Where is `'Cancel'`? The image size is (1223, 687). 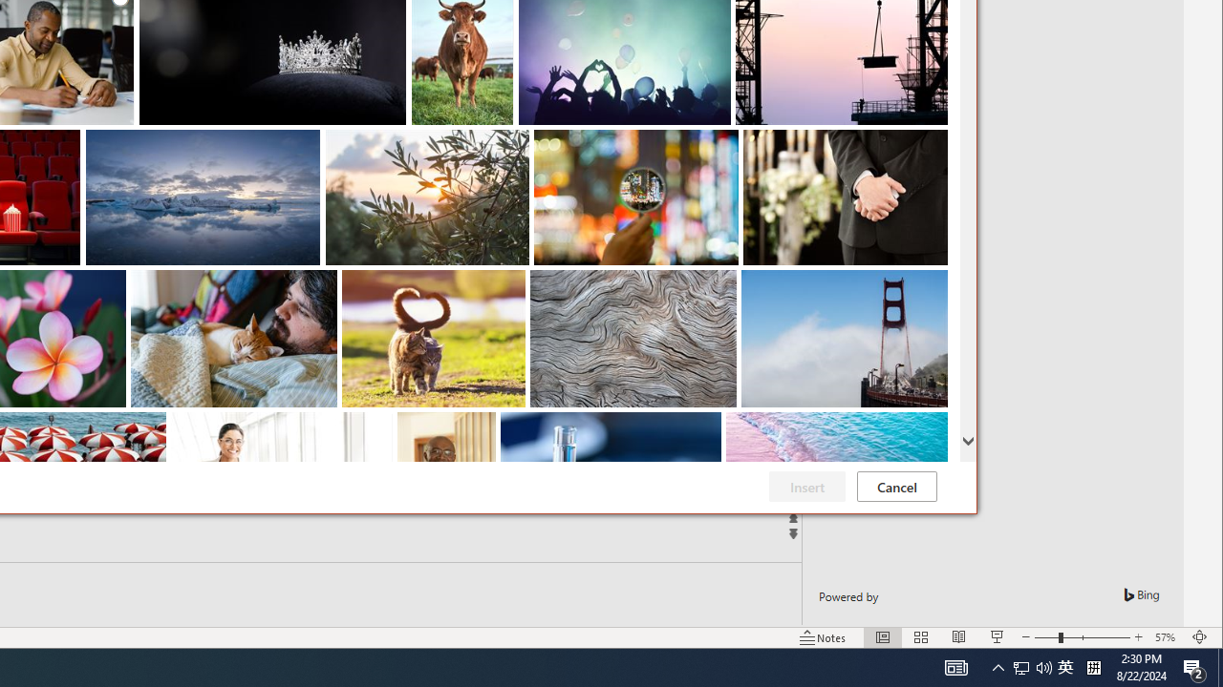
'Cancel' is located at coordinates (895, 486).